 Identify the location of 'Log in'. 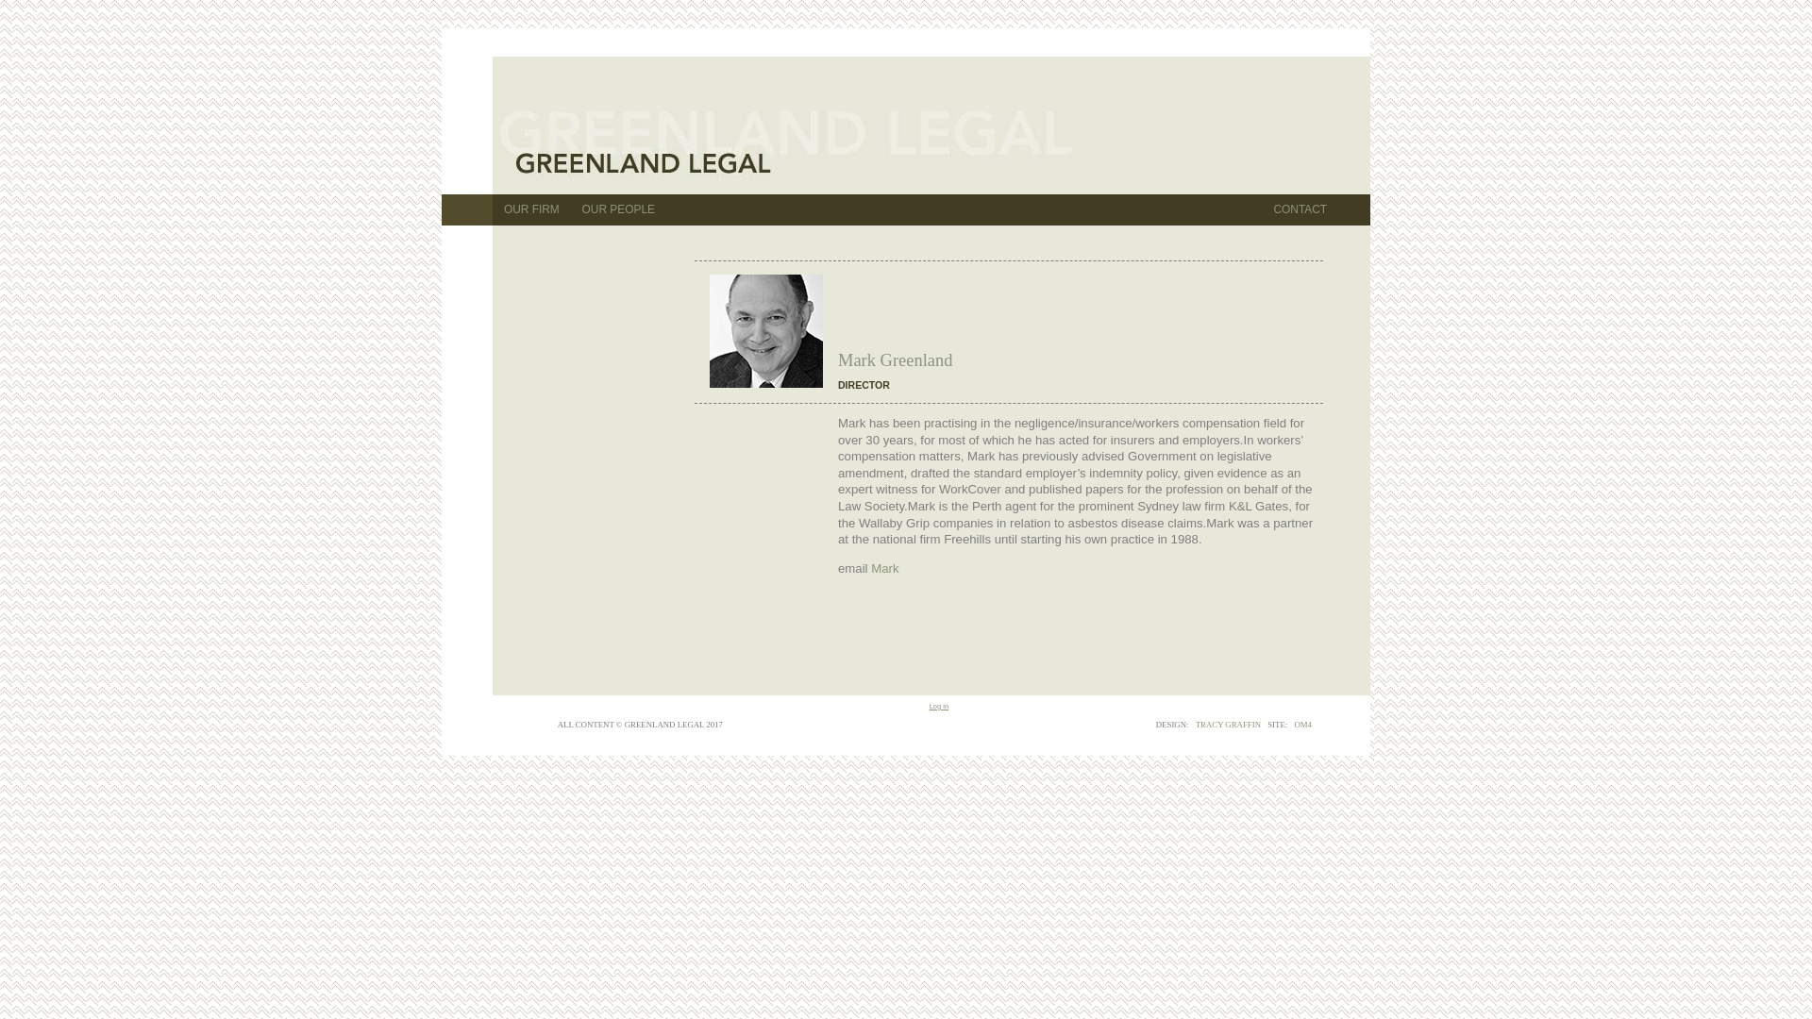
(938, 706).